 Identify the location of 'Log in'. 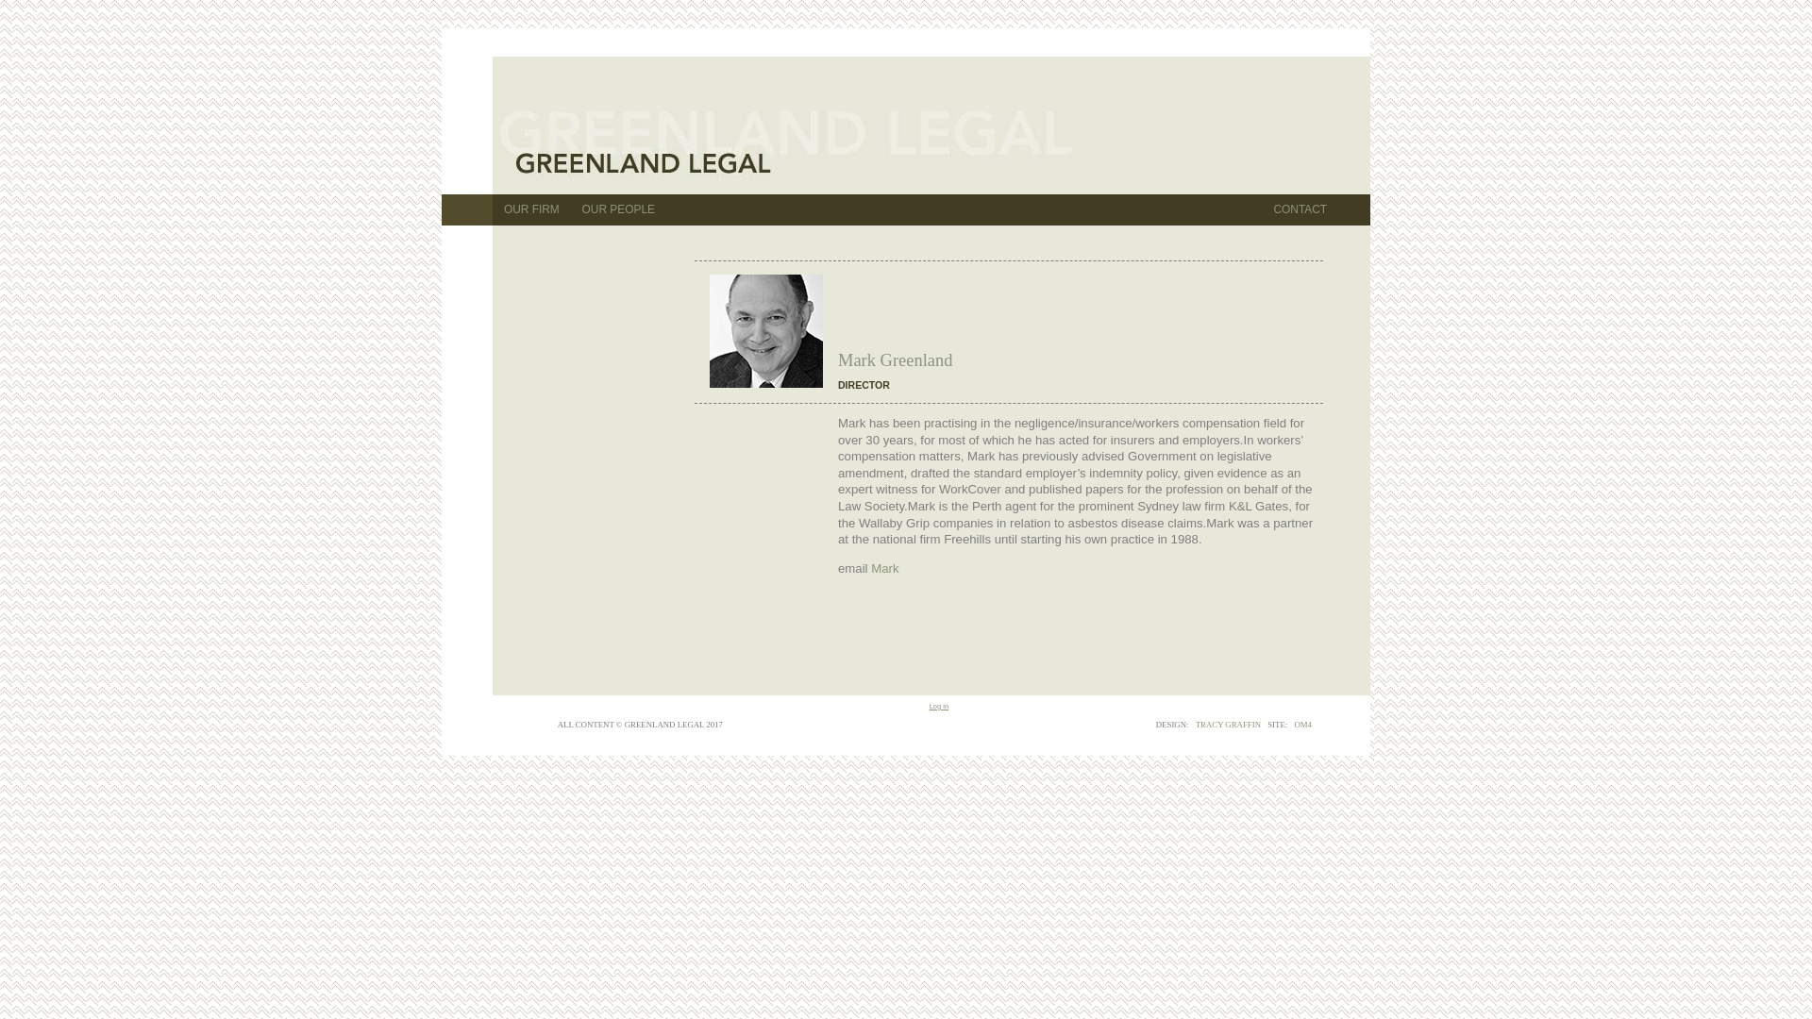
(938, 706).